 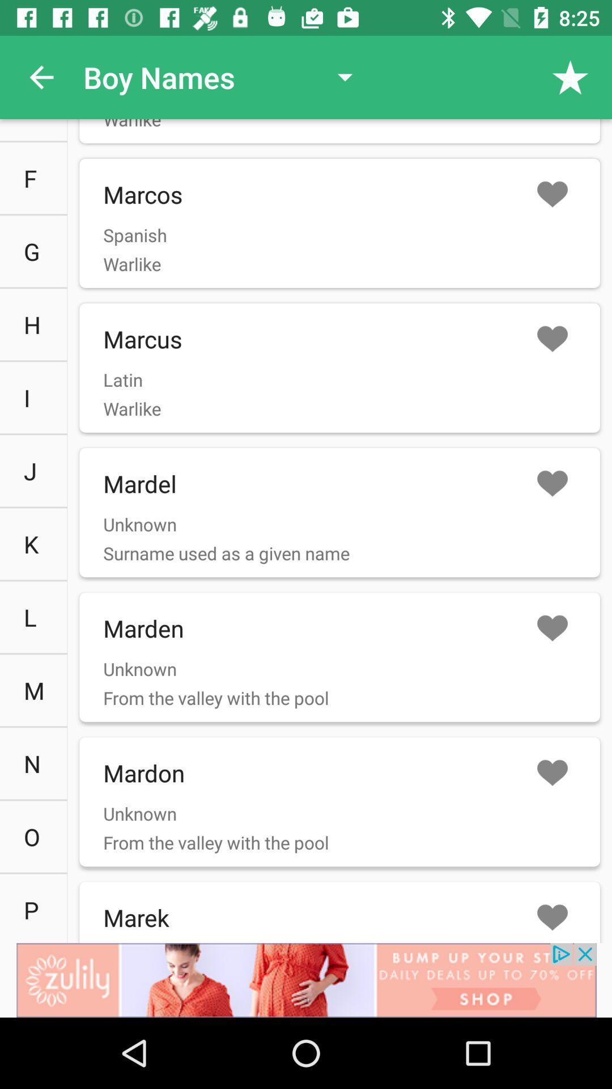 What do you see at coordinates (306, 980) in the screenshot?
I see `advertisement page` at bounding box center [306, 980].